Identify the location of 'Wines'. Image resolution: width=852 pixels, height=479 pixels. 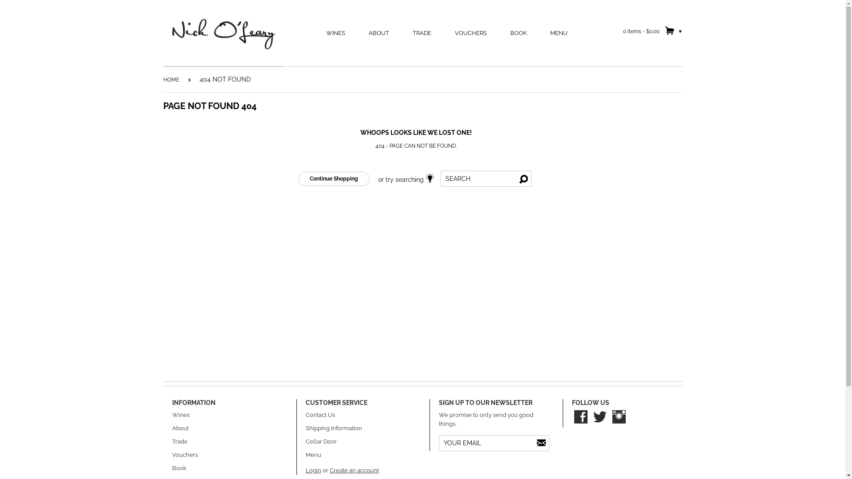
(180, 415).